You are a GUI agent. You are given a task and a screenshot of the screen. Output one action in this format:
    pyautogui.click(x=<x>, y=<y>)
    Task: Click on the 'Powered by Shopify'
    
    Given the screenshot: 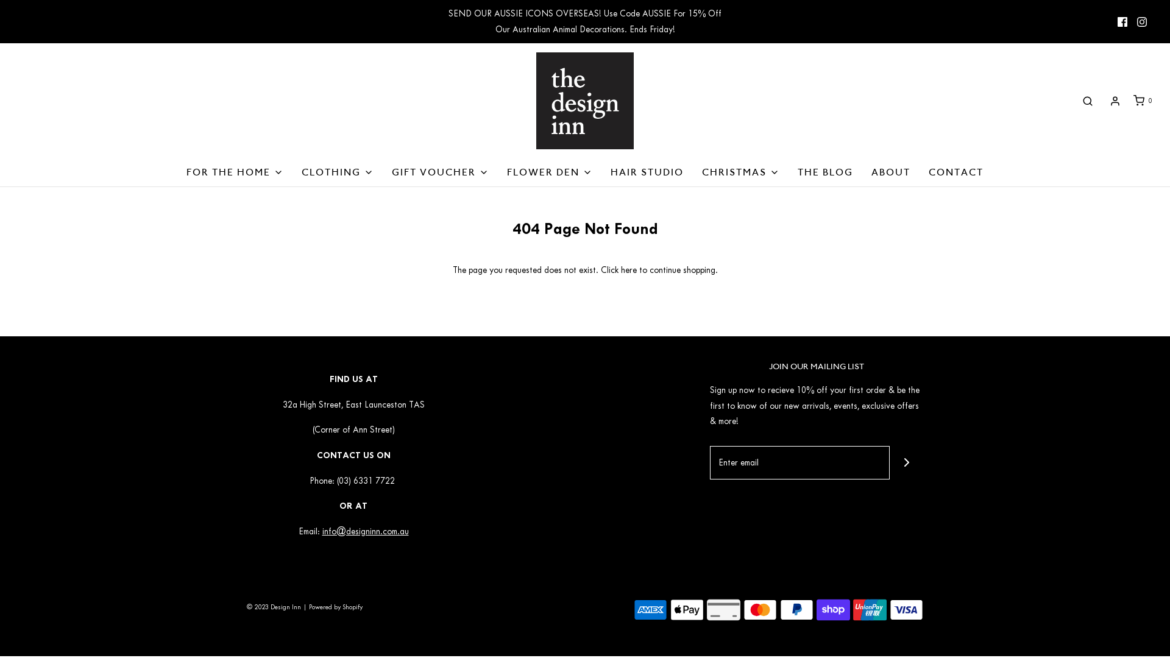 What is the action you would take?
    pyautogui.click(x=336, y=607)
    